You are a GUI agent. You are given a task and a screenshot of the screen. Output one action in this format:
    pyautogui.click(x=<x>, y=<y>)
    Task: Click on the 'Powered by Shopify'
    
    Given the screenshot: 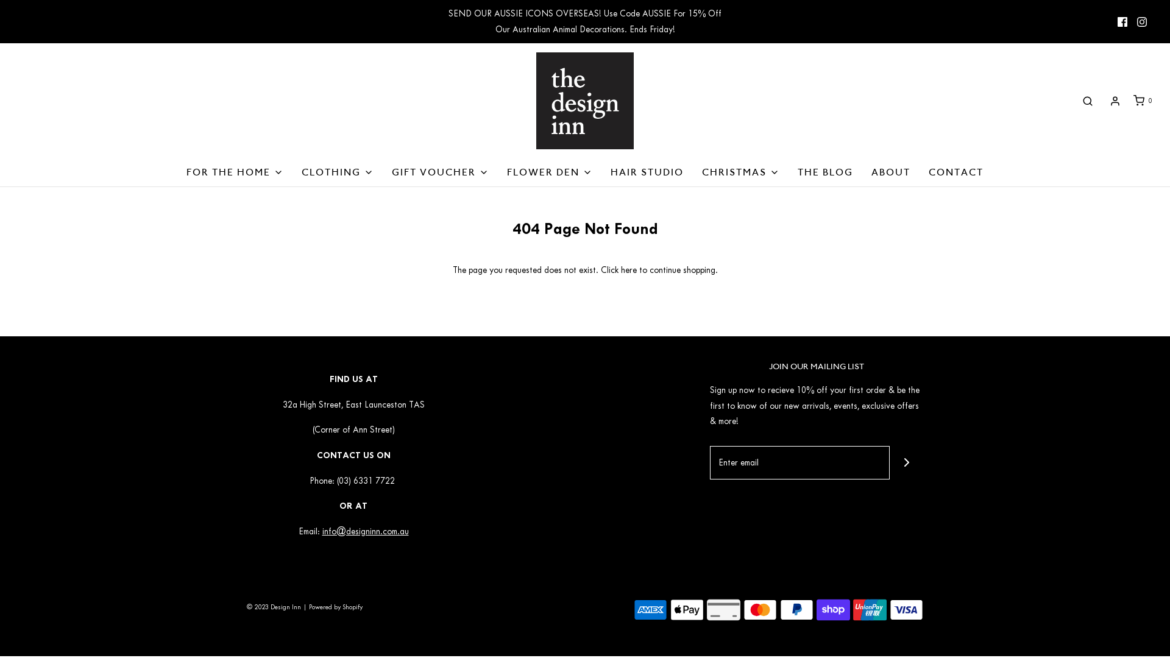 What is the action you would take?
    pyautogui.click(x=336, y=607)
    